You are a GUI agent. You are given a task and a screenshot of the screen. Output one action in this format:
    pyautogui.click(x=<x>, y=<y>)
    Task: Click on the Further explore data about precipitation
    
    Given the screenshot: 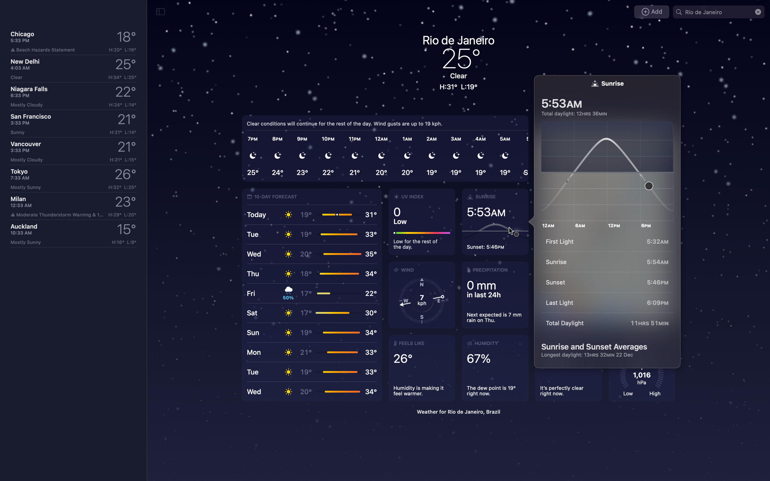 What is the action you would take?
    pyautogui.click(x=494, y=295)
    